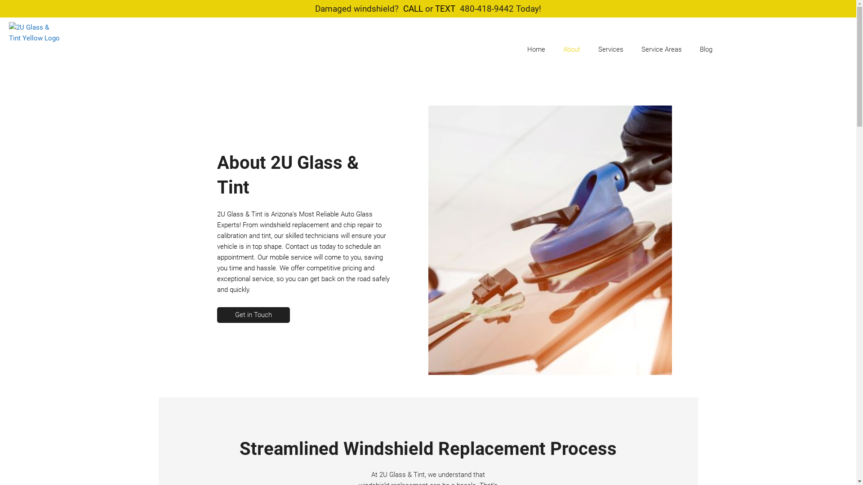  Describe the element at coordinates (705, 49) in the screenshot. I see `'Blog'` at that location.